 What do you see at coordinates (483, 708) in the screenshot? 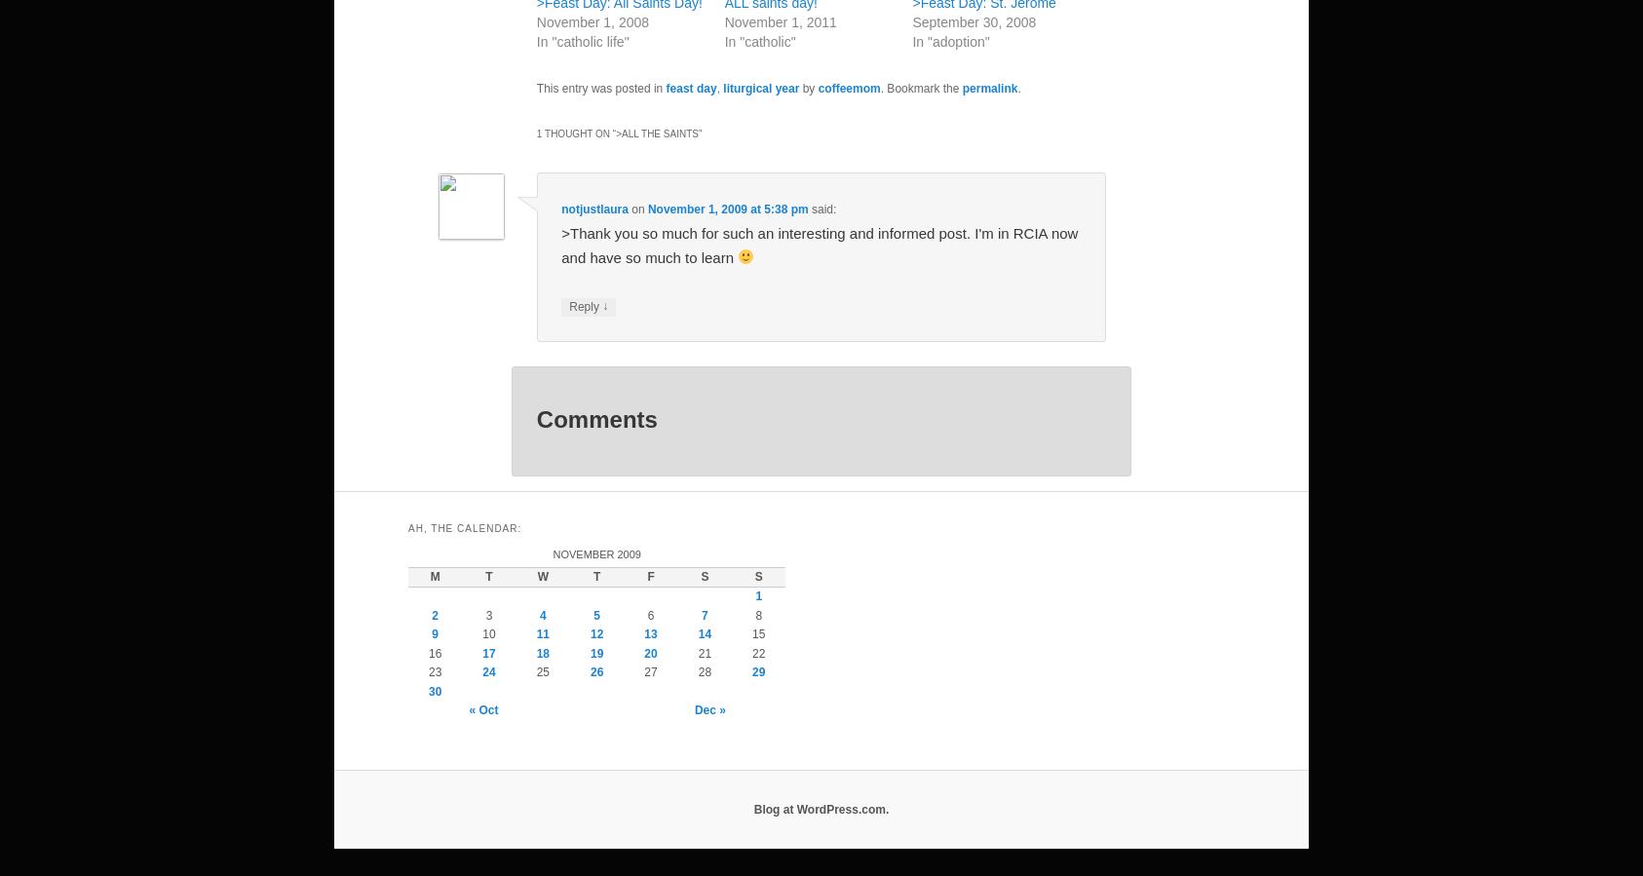
I see `'« Oct'` at bounding box center [483, 708].